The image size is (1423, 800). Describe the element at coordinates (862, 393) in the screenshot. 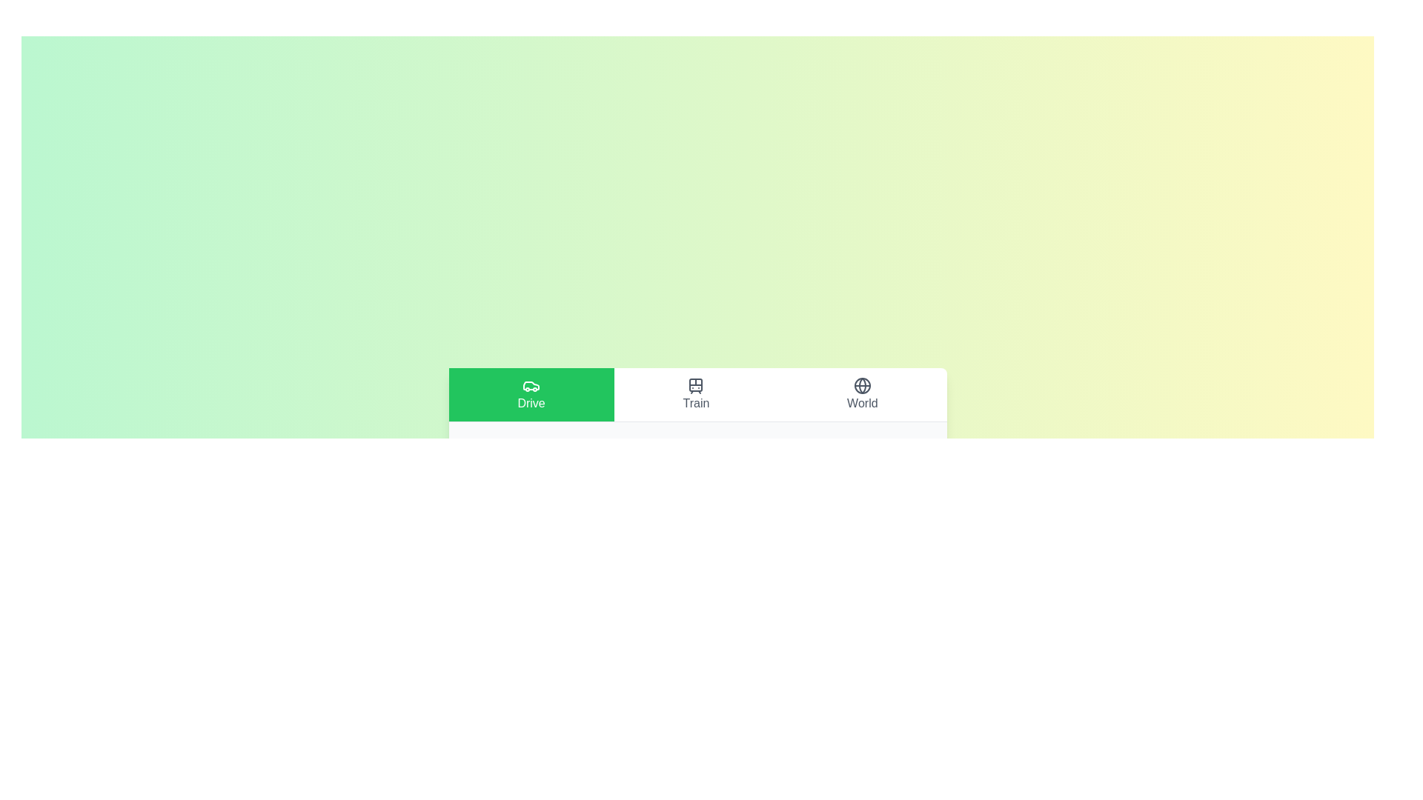

I see `the World tab by clicking on its area` at that location.